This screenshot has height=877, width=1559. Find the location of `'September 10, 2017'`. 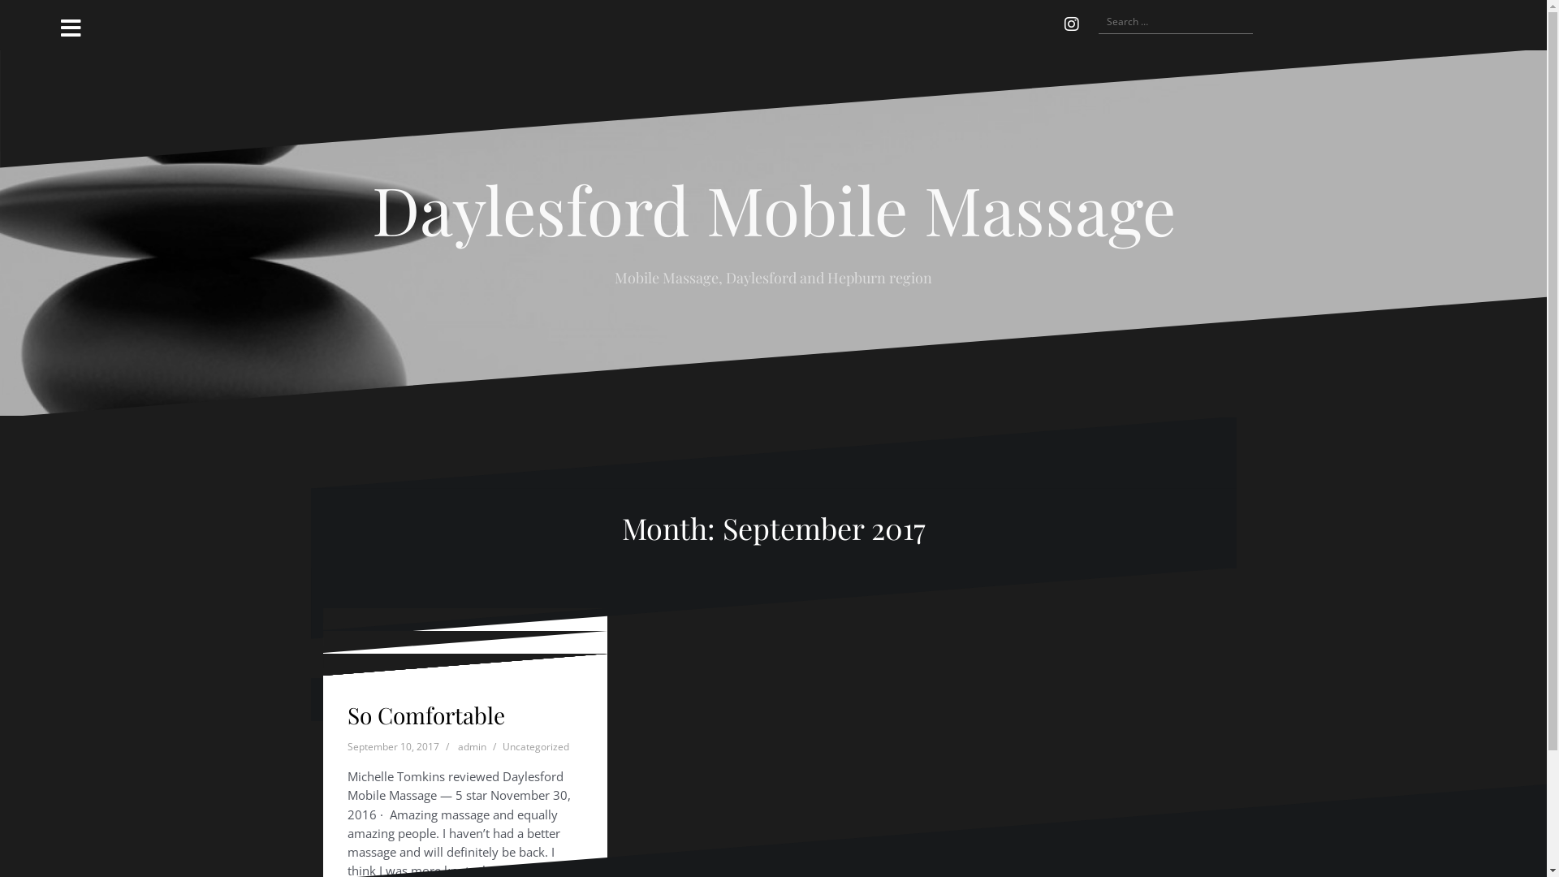

'September 10, 2017' is located at coordinates (393, 746).